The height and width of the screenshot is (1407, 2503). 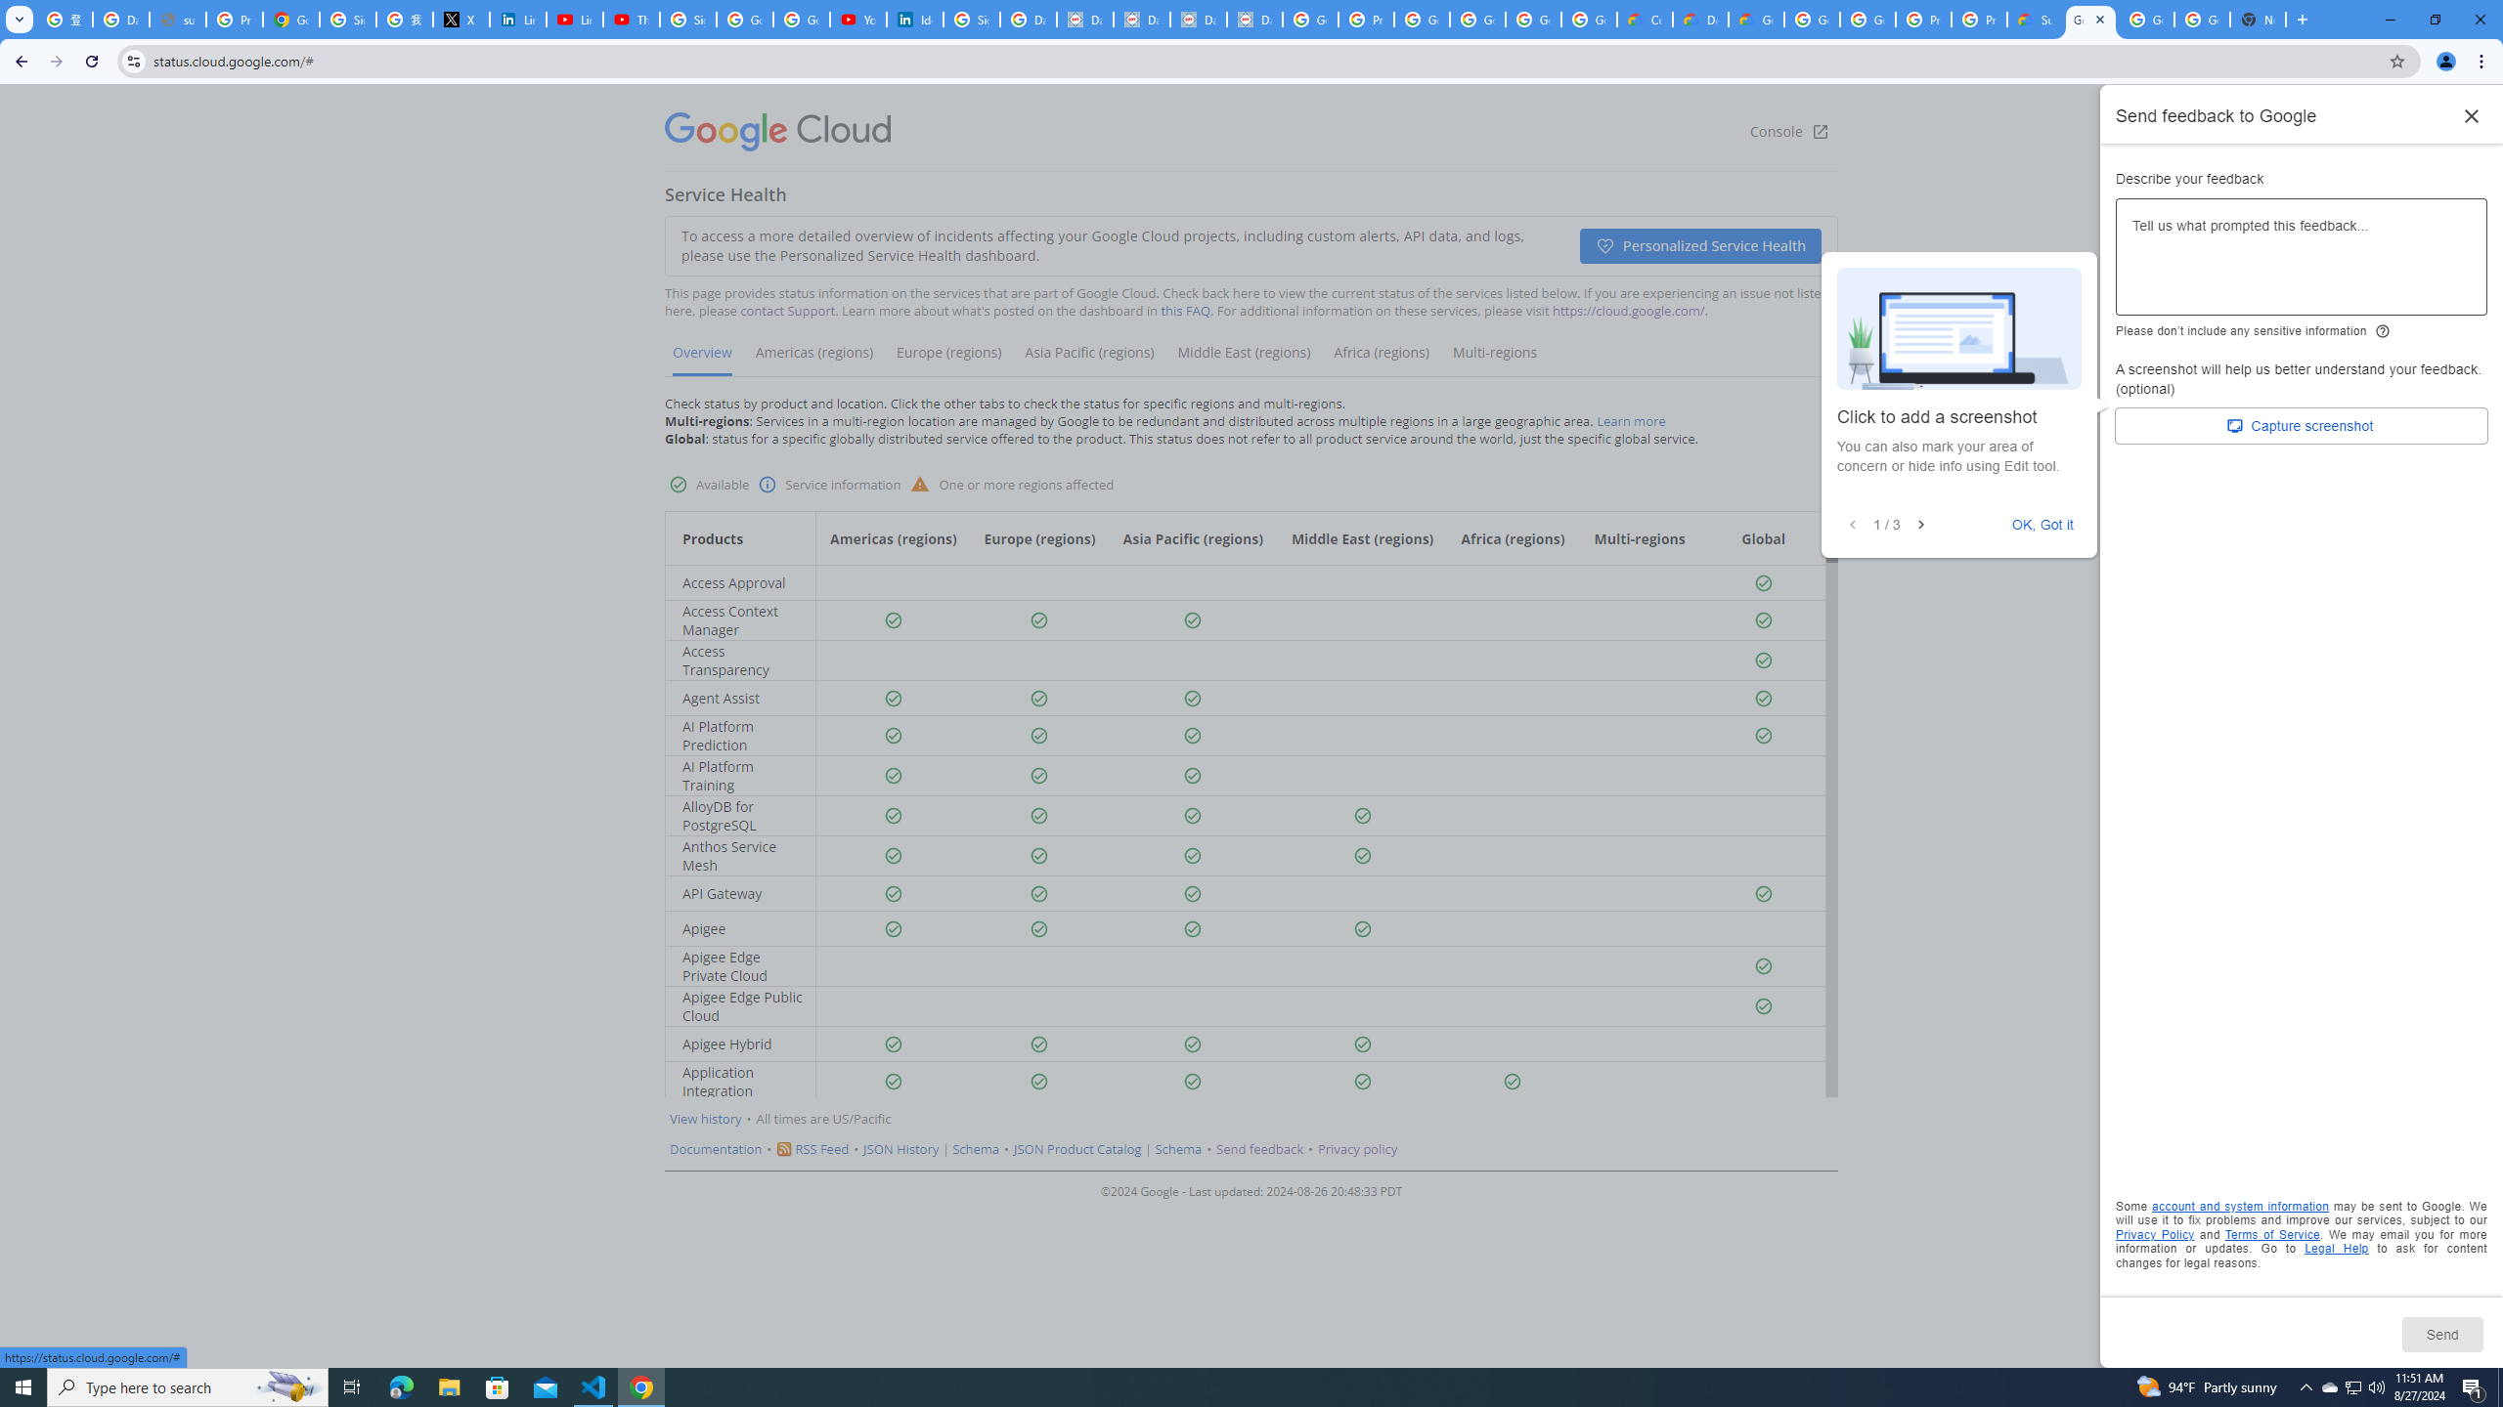 I want to click on 'Next', so click(x=1920, y=524).